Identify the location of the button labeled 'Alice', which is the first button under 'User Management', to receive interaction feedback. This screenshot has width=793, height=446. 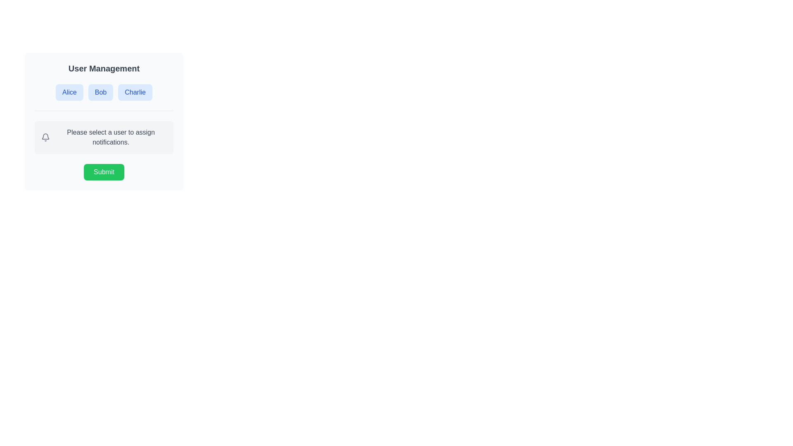
(69, 92).